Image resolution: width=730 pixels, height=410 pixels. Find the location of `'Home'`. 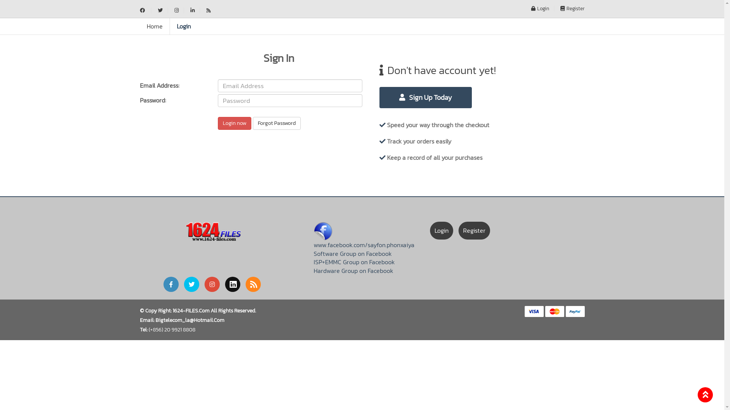

'Home' is located at coordinates (140, 26).